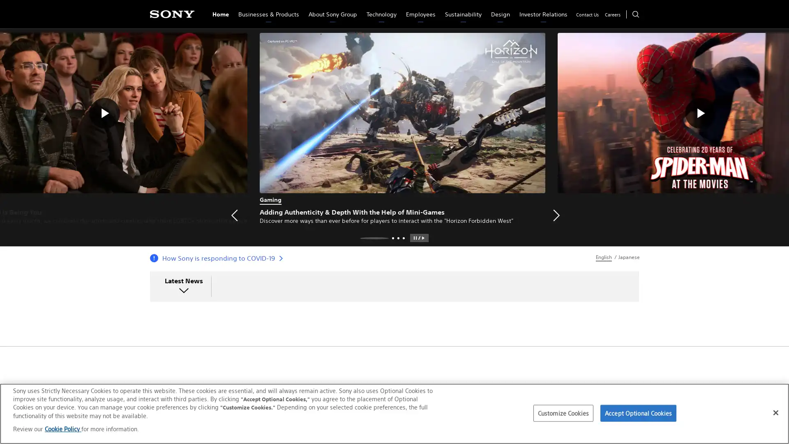  I want to click on pause or play, so click(419, 238).